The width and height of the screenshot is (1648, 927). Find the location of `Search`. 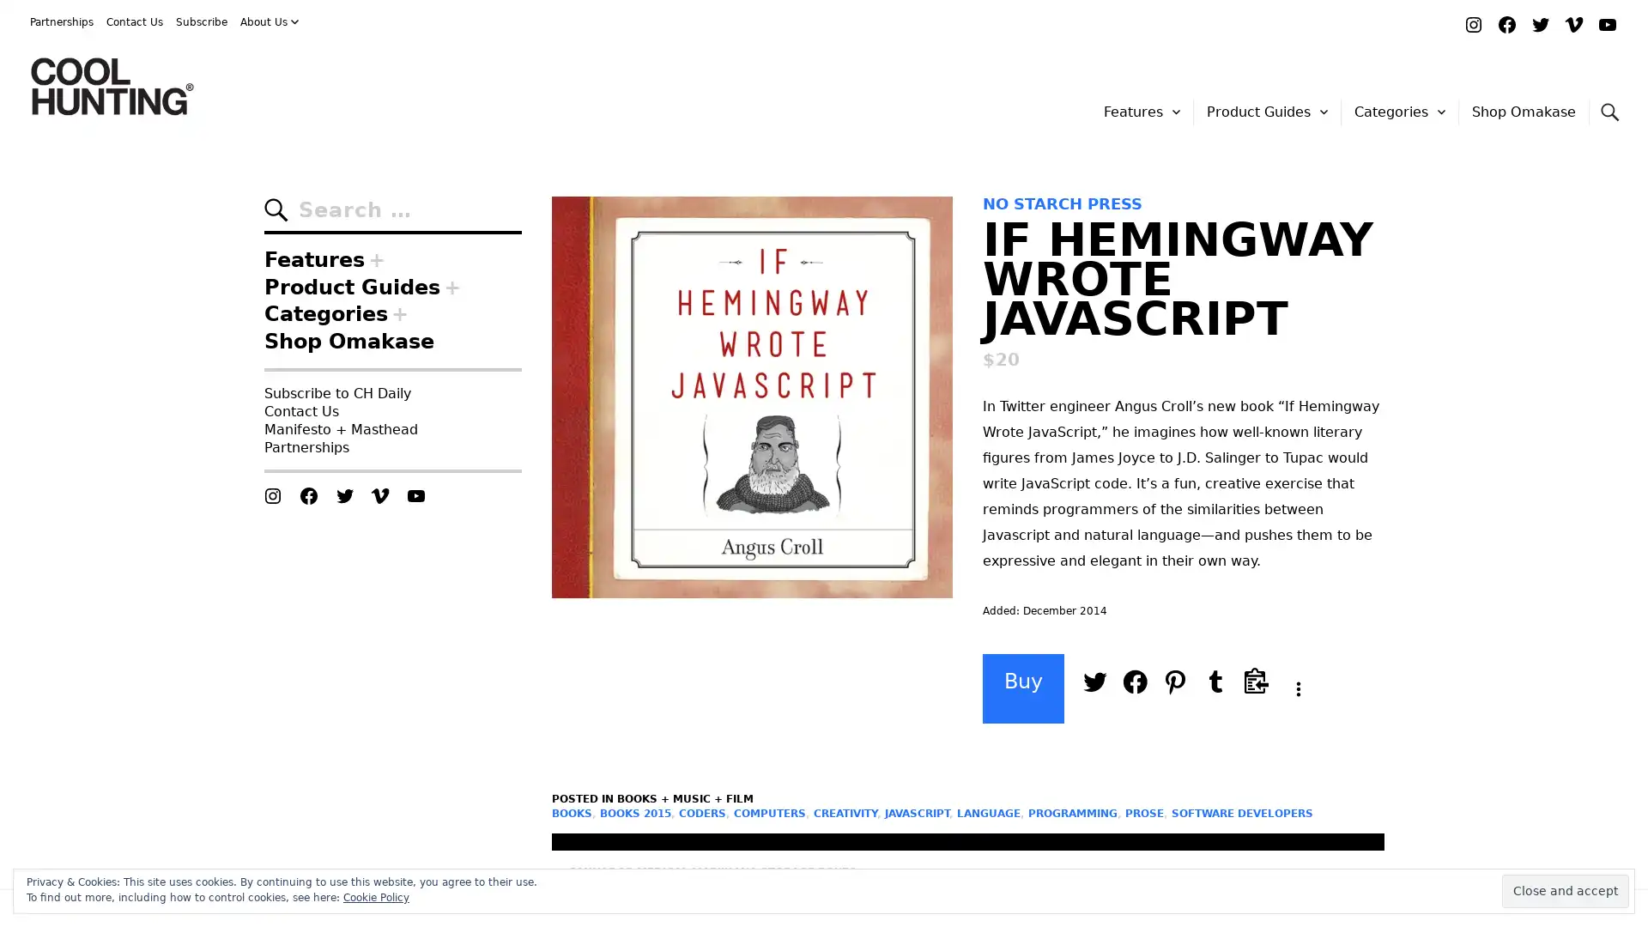

Search is located at coordinates (519, 193).